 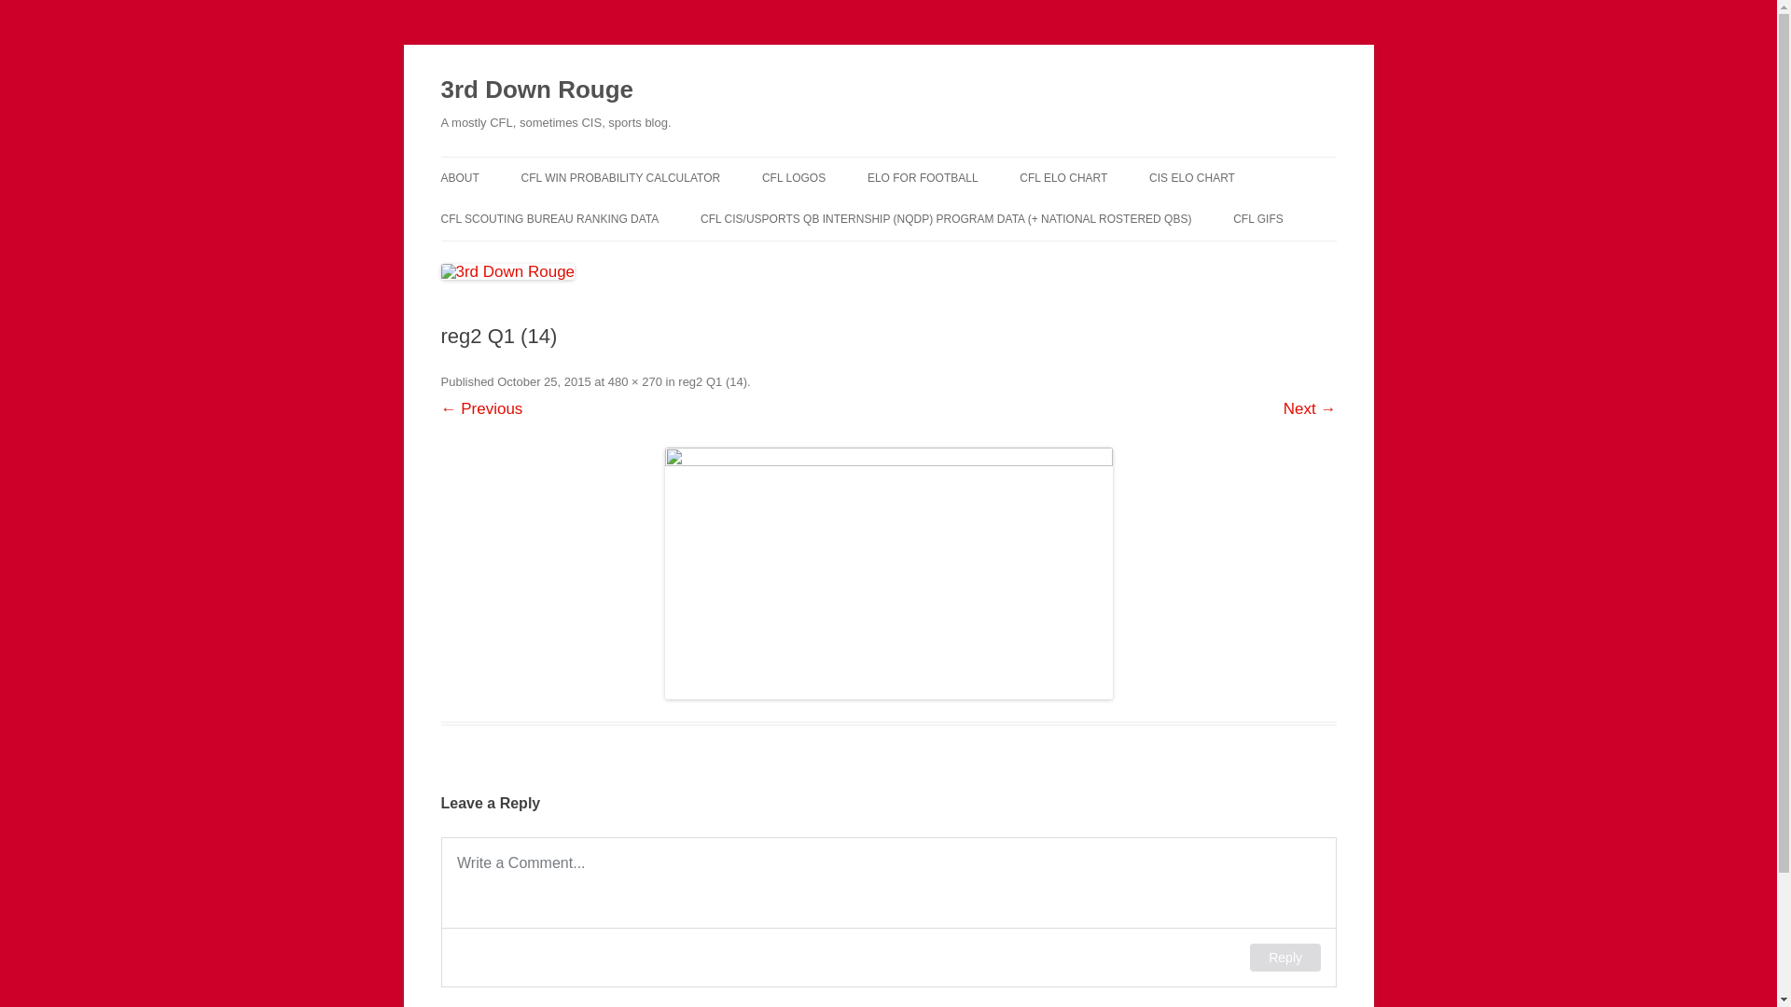 I want to click on 'CFL ELO CHART', so click(x=1063, y=178).